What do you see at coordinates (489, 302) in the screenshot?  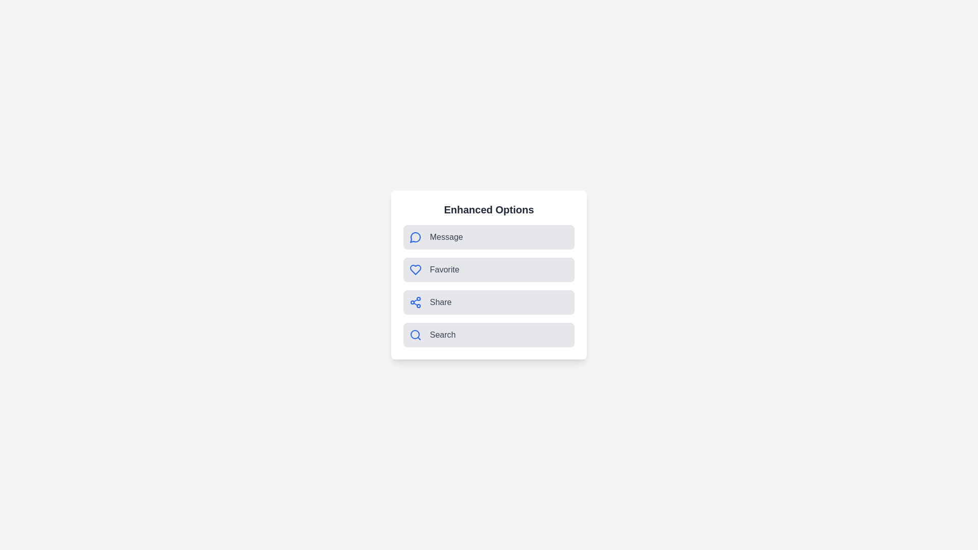 I see `the 'Share' option to trigger its functionality` at bounding box center [489, 302].